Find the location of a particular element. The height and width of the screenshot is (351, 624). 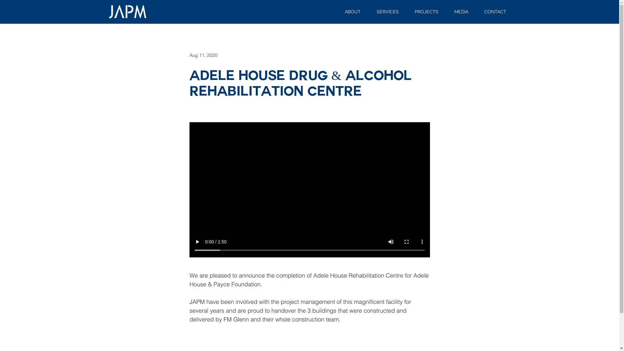

'SERVICES' is located at coordinates (387, 12).